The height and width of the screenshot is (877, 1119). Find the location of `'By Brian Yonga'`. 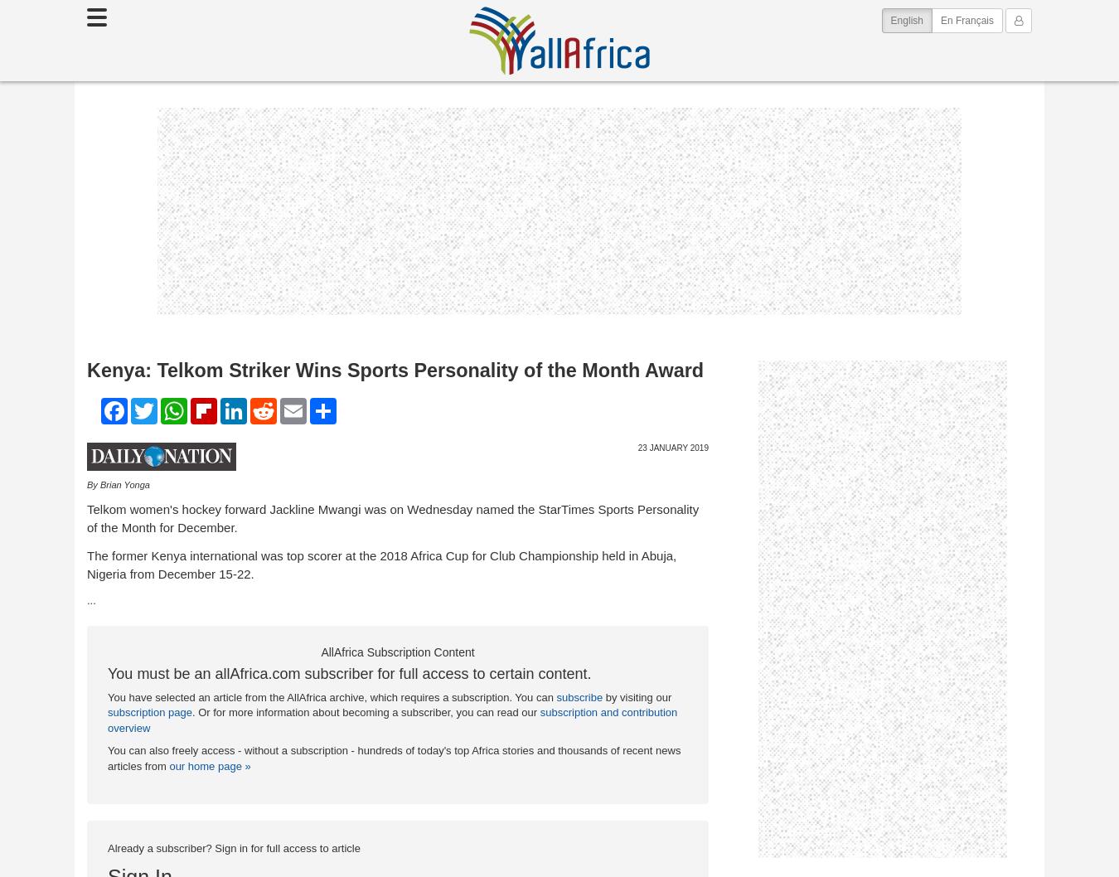

'By Brian Yonga' is located at coordinates (118, 484).